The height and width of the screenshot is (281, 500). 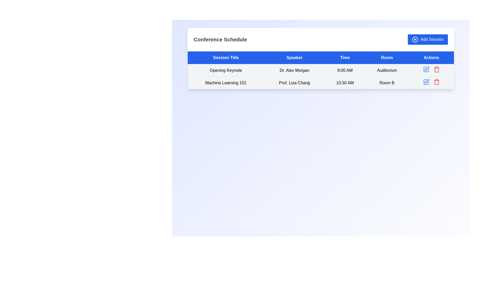 I want to click on the Action button group containing the blue edit pencil and red trash can icons in the Actions column of the second row for the 'Machine Learning 101' session, so click(x=431, y=82).